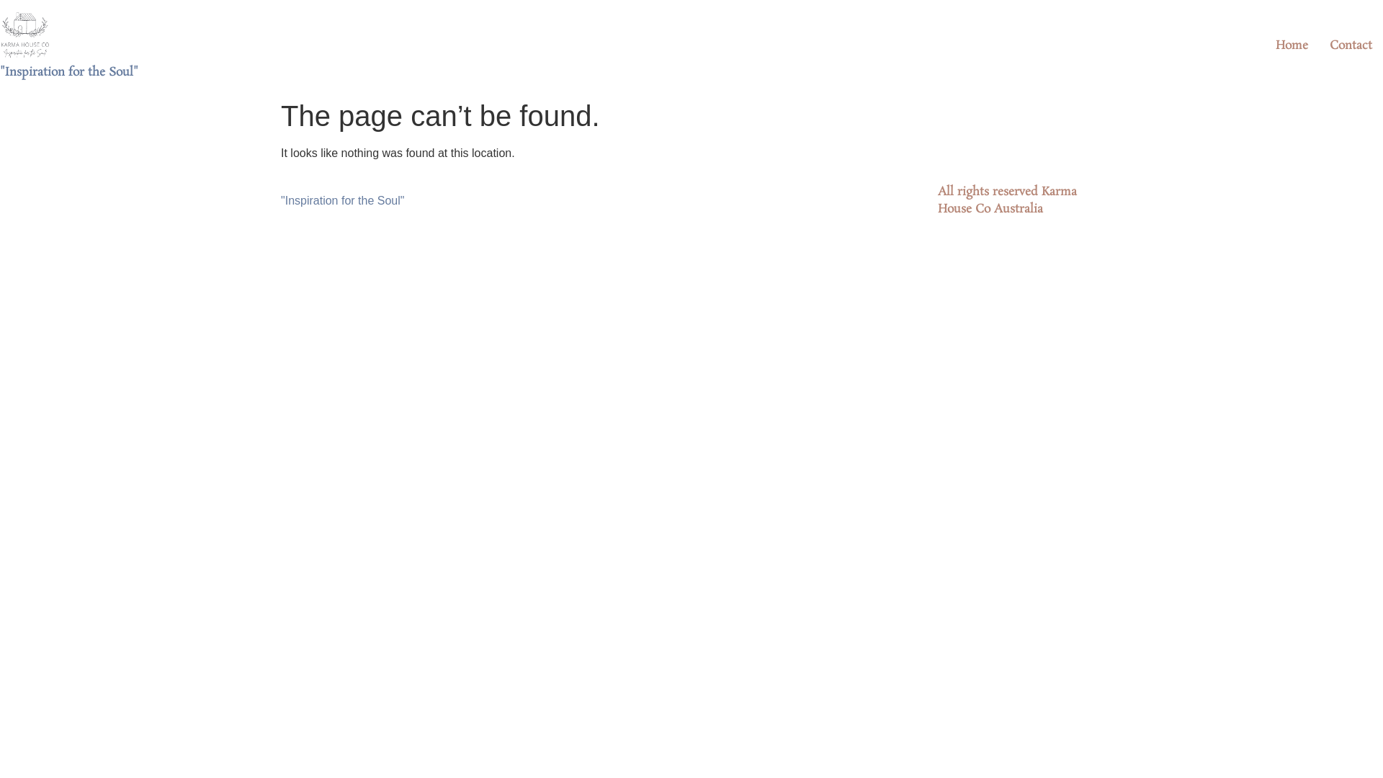 The height and width of the screenshot is (778, 1383). I want to click on 'Home', so click(1264, 45).